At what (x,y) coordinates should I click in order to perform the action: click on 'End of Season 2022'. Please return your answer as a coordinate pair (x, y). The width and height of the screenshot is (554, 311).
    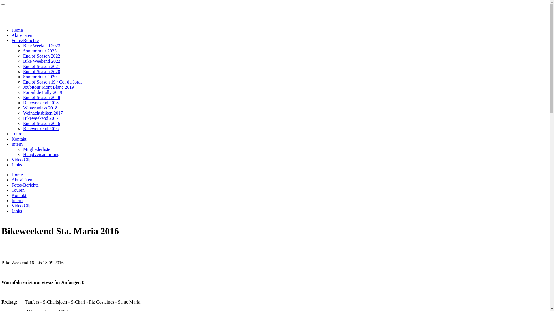
    Looking at the image, I should click on (41, 56).